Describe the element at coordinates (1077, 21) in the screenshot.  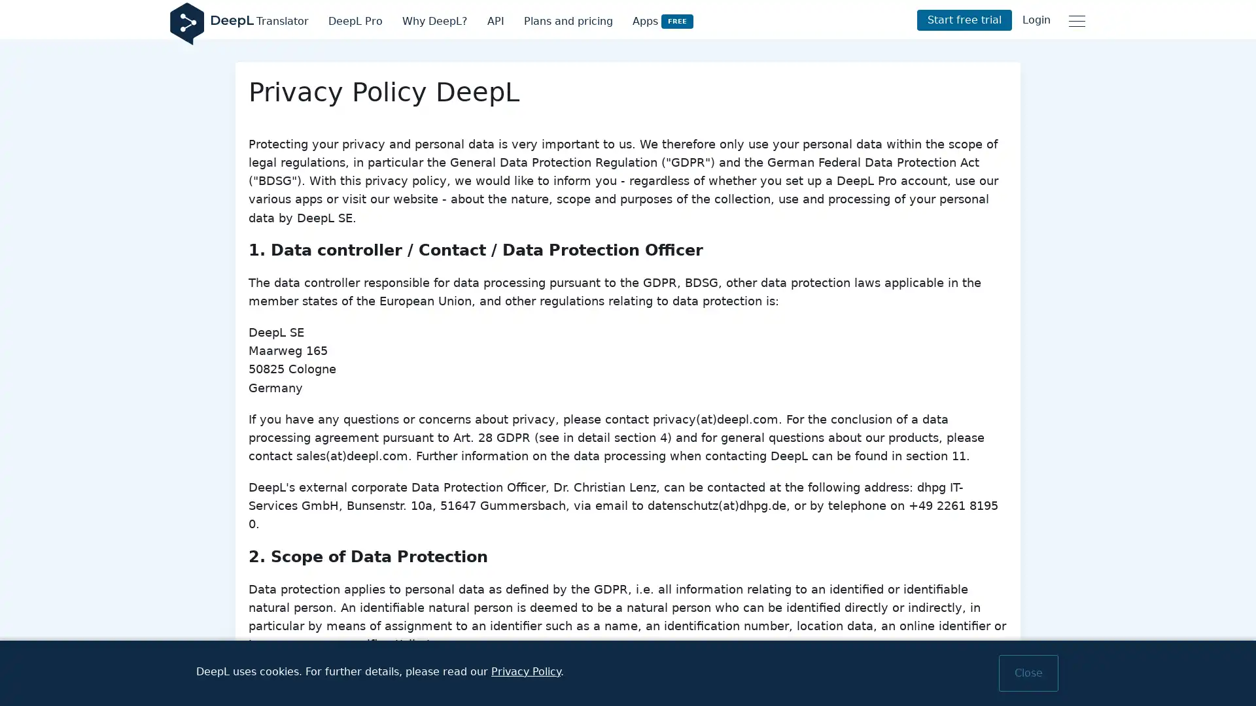
I see `Main menu` at that location.